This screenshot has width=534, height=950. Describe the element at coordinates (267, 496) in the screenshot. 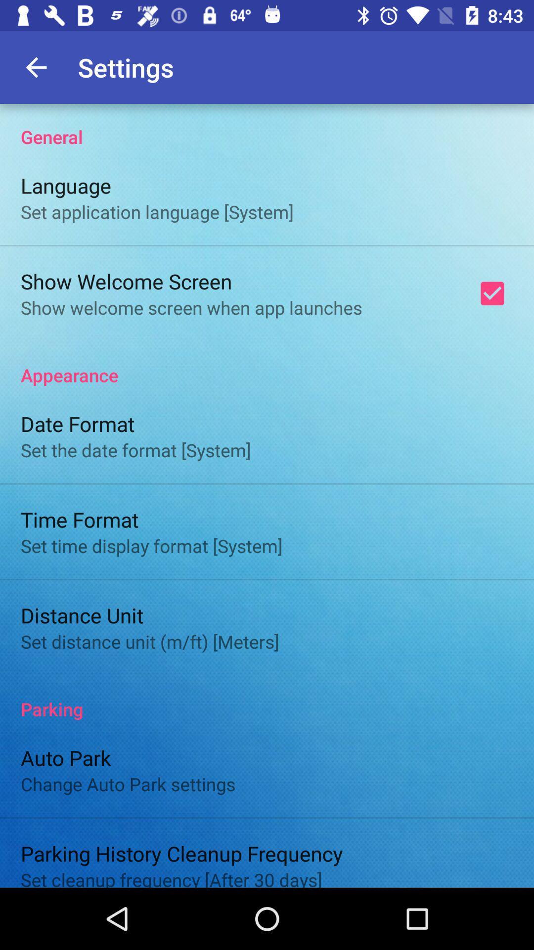

I see `click for more informations` at that location.